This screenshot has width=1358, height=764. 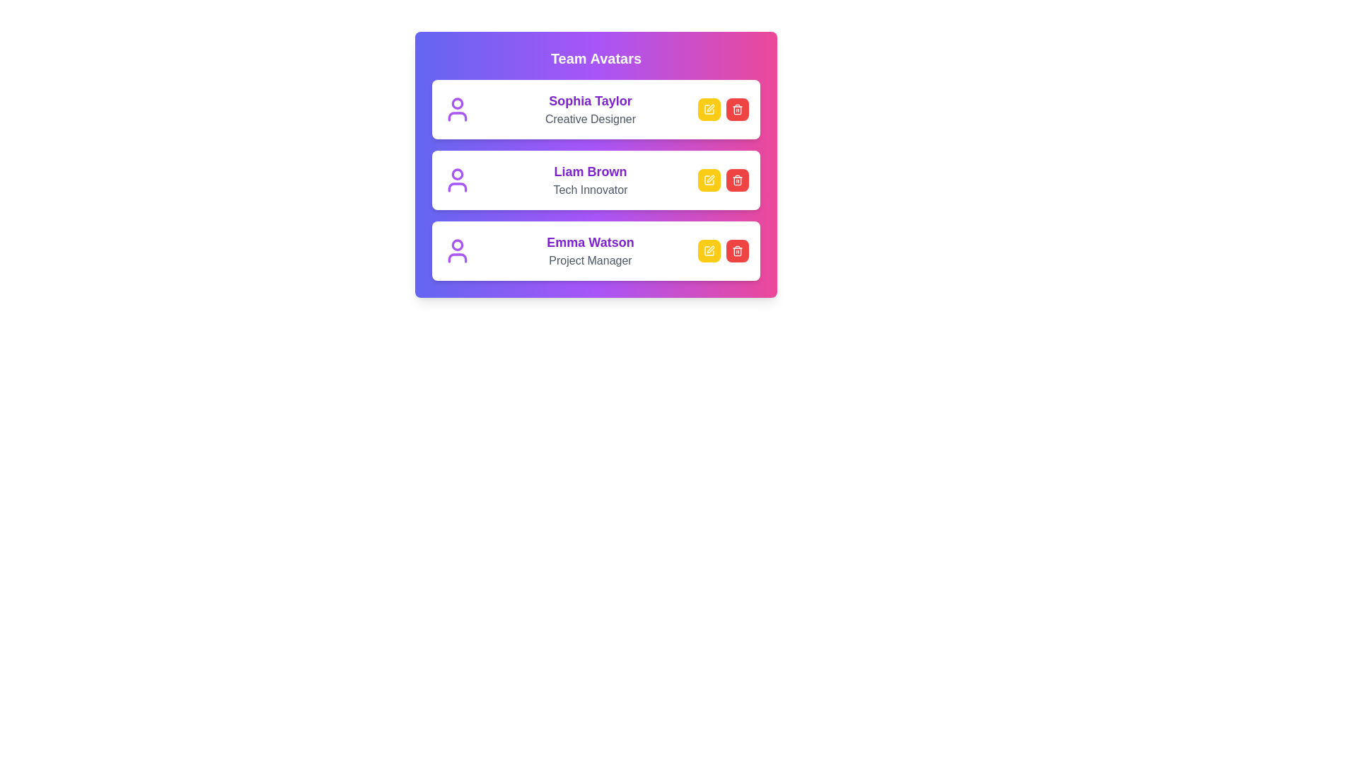 What do you see at coordinates (591, 119) in the screenshot?
I see `the text label 'Creative Designer' located beneath 'Sophia Taylor' to potentially trigger more details` at bounding box center [591, 119].